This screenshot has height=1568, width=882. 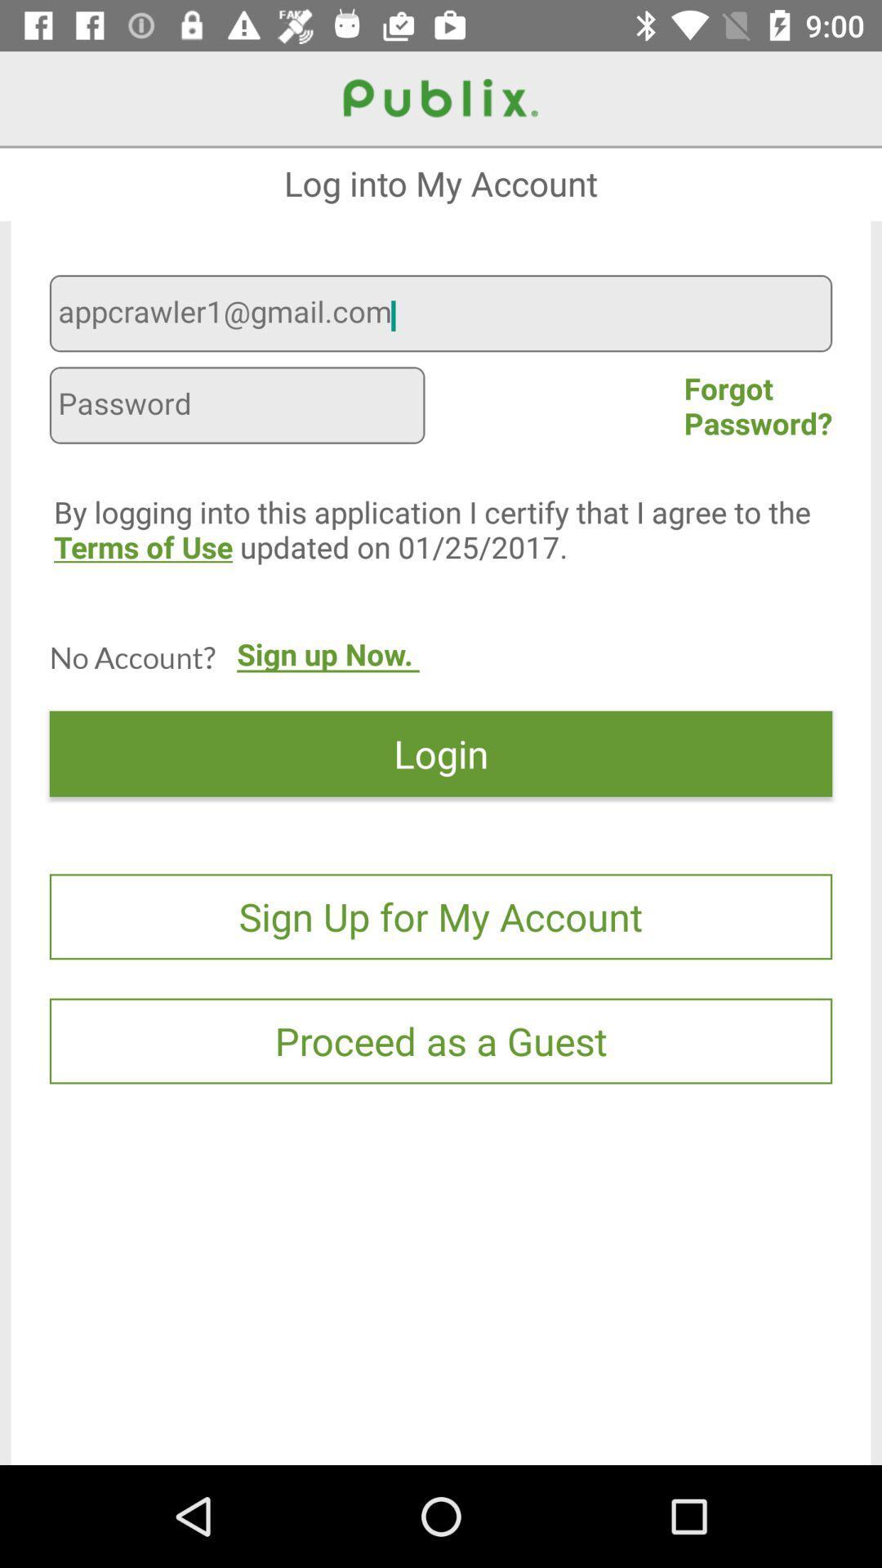 I want to click on the icon above the log into my item, so click(x=441, y=147).